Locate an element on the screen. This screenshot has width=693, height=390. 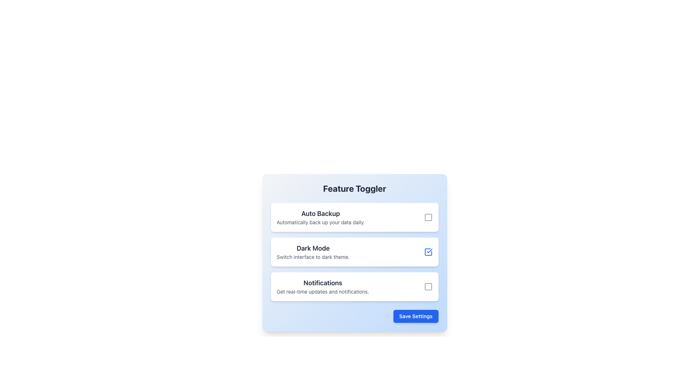
the checkmark icon located in the 'Dark Mode' section of the feature toggler interface, which is adjacent to the right side of the option's textual description, representing a selection or confirmation function is located at coordinates (430, 250).